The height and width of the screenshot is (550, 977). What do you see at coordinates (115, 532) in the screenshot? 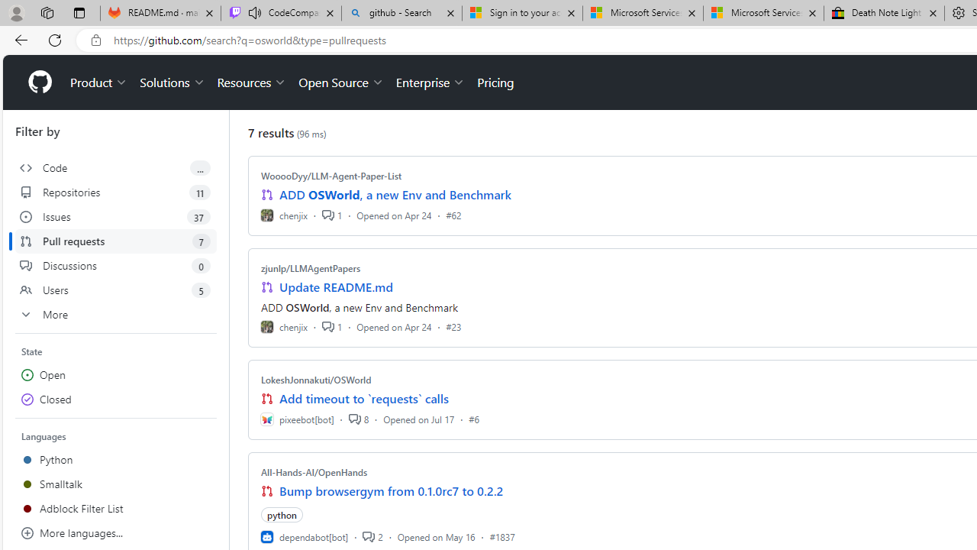
I see `'More languages...'` at bounding box center [115, 532].